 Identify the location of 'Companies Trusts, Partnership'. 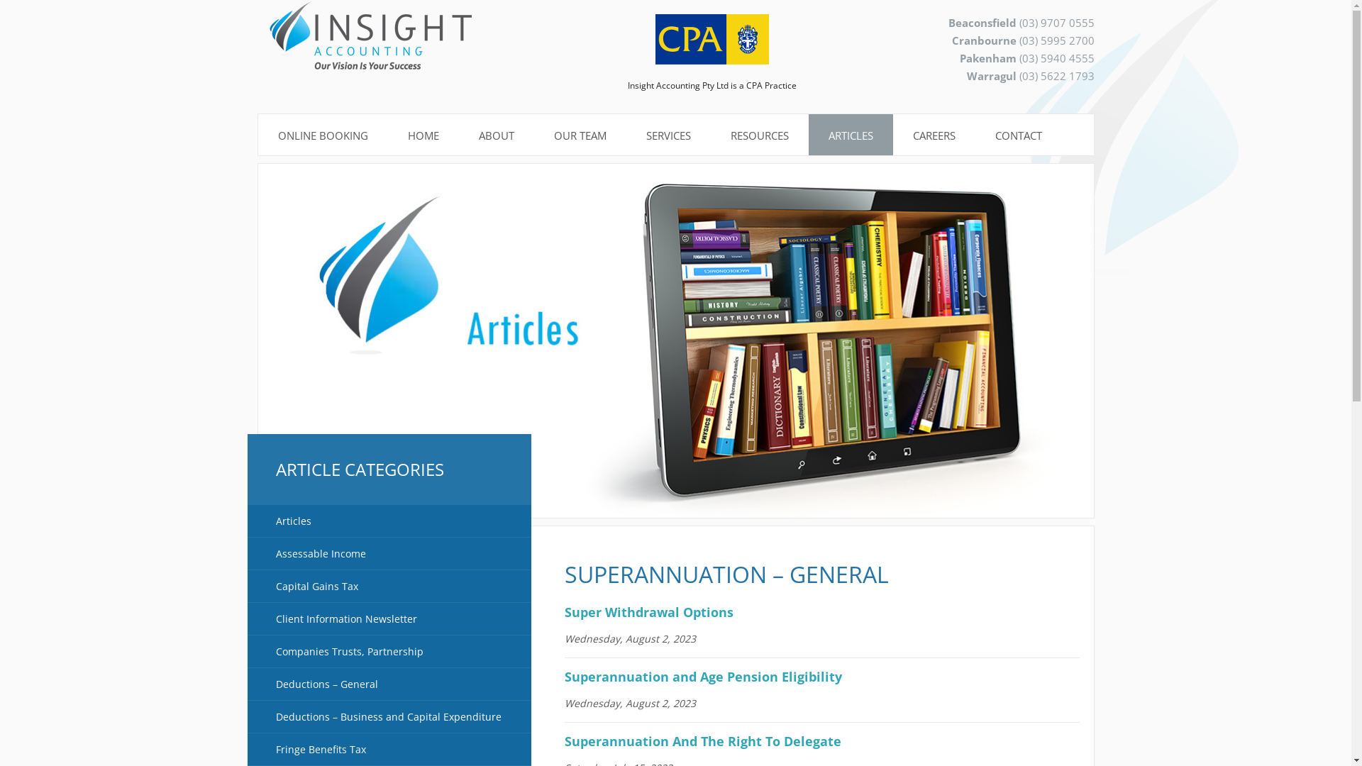
(388, 651).